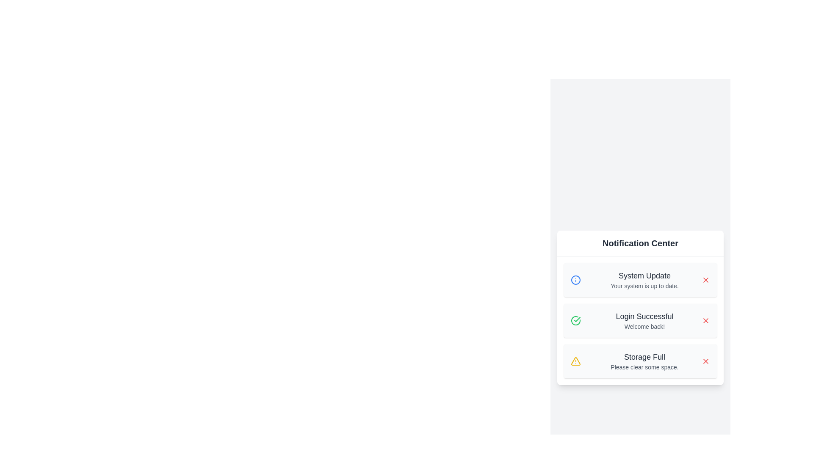  What do you see at coordinates (575, 361) in the screenshot?
I see `the warning icon located at the bottom left corner of the third notification item in the 'Notification Center' card` at bounding box center [575, 361].